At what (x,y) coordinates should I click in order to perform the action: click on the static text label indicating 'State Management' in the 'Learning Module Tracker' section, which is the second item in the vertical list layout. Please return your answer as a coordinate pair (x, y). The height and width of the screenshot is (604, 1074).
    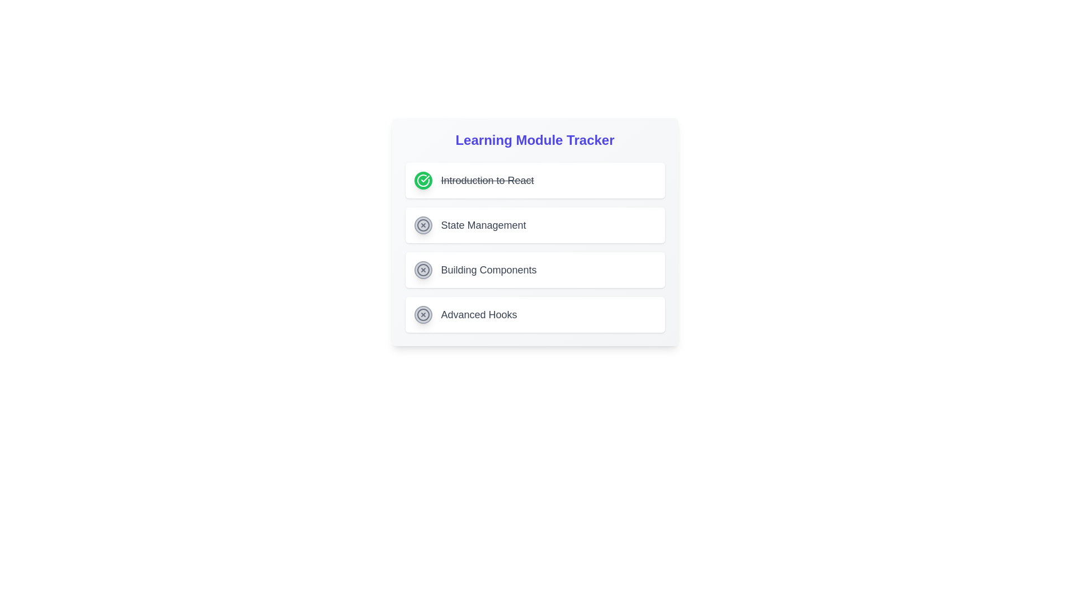
    Looking at the image, I should click on (483, 225).